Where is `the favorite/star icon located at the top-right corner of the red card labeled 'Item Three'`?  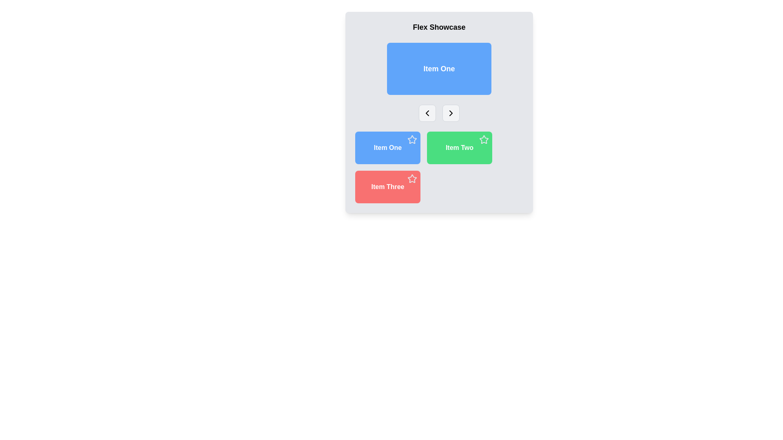 the favorite/star icon located at the top-right corner of the red card labeled 'Item Three' is located at coordinates (412, 178).